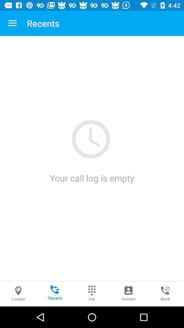 The image size is (184, 328). I want to click on the item to the left of the recents app, so click(12, 23).